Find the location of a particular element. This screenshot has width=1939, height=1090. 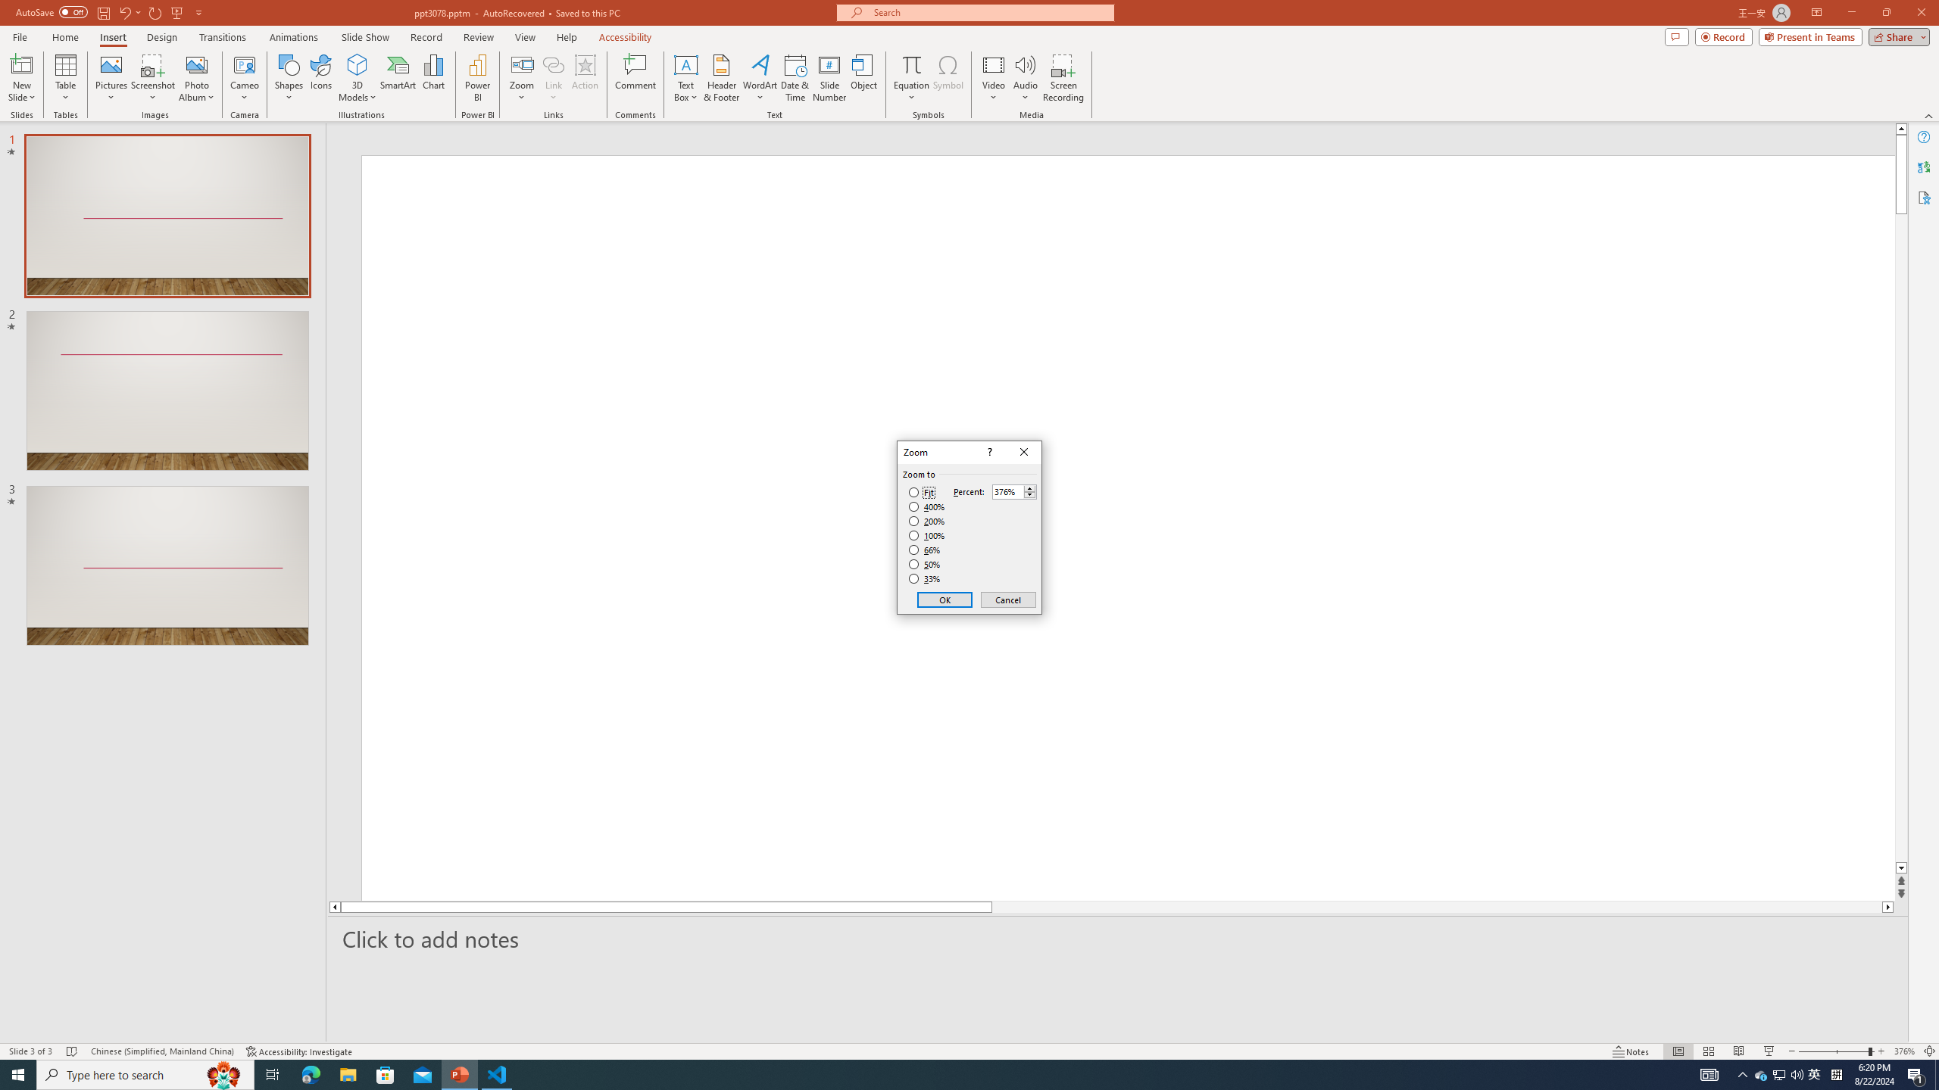

'Shapes' is located at coordinates (288, 78).